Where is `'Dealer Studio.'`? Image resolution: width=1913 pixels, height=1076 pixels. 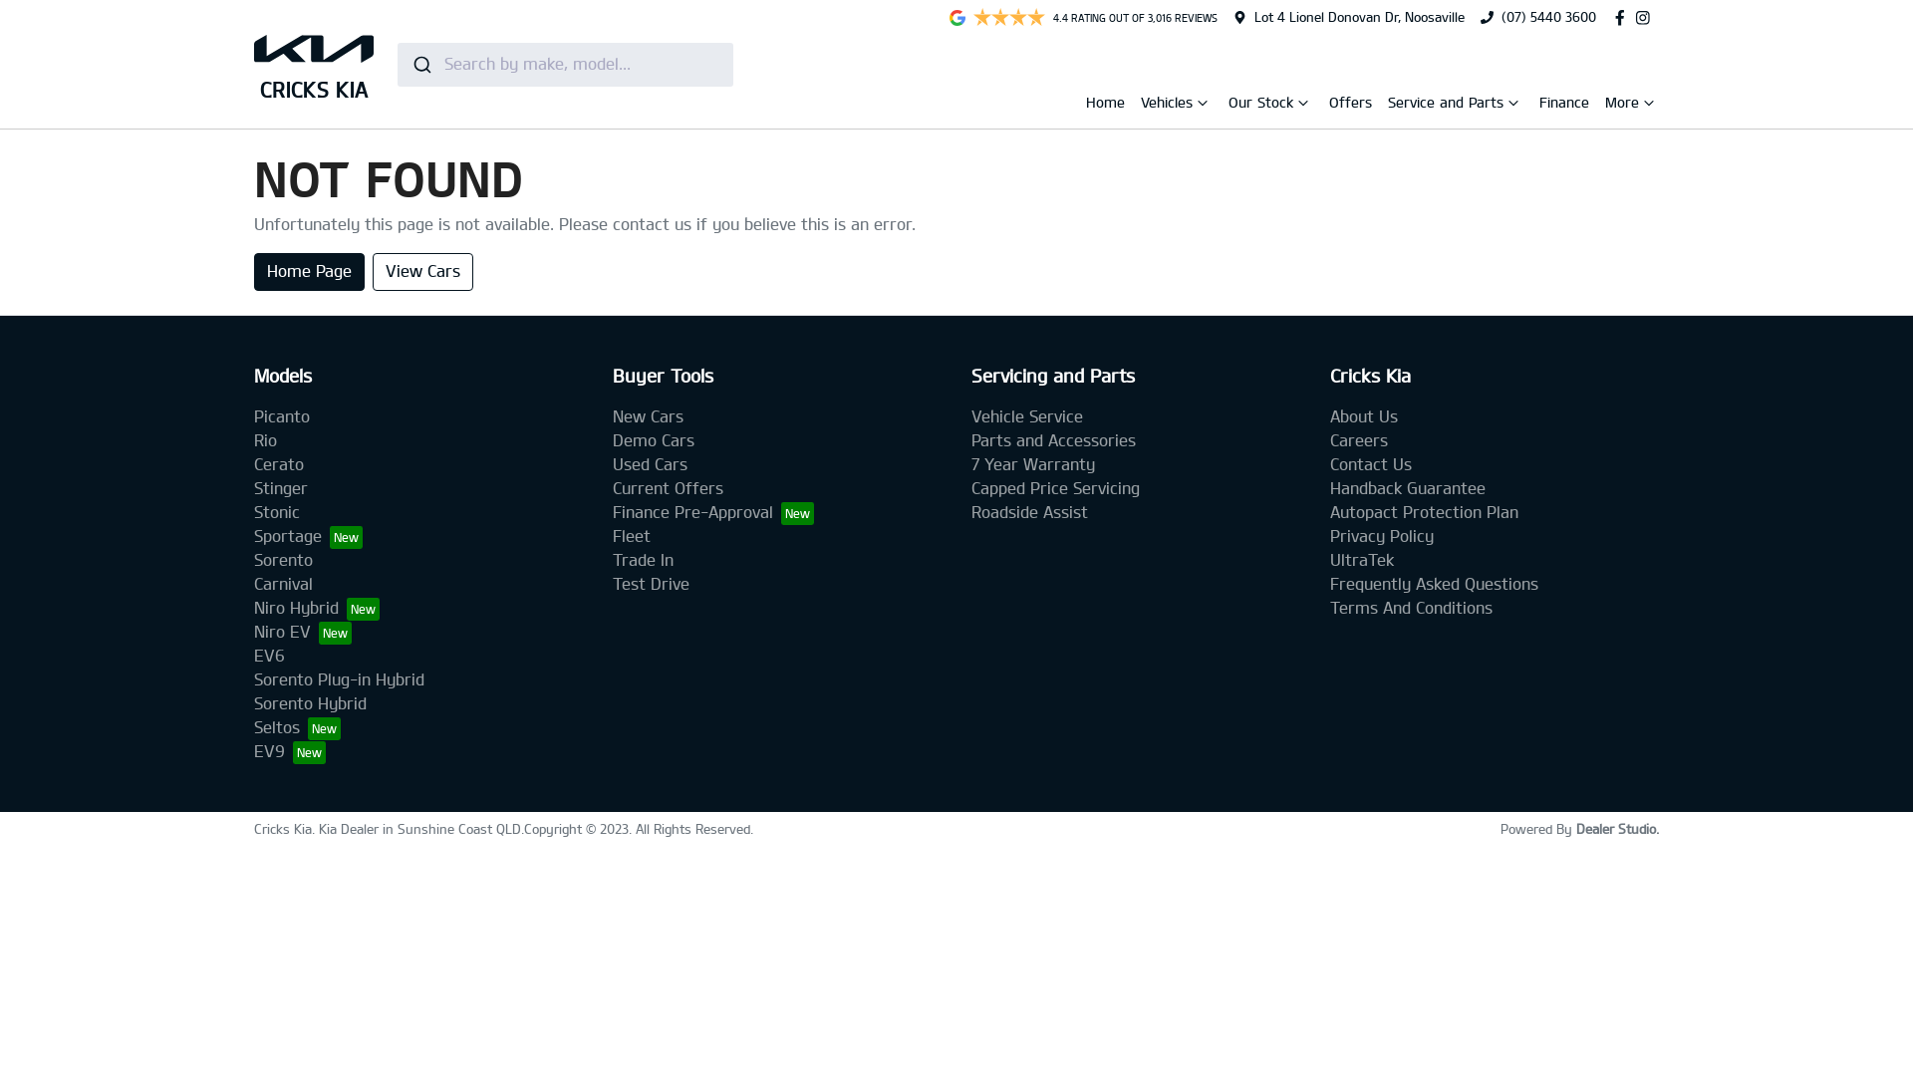
'Dealer Studio.' is located at coordinates (1617, 829).